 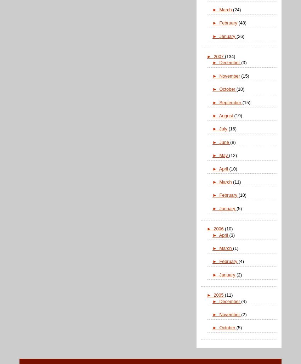 I want to click on 'September', so click(x=231, y=102).